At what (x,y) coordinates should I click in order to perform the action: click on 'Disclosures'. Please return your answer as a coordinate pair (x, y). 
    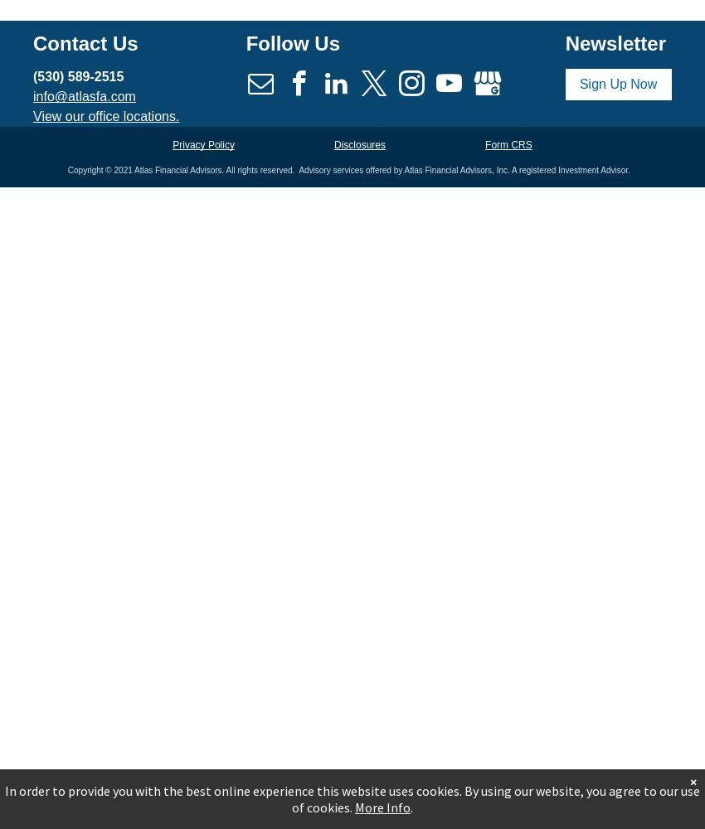
    Looking at the image, I should click on (333, 144).